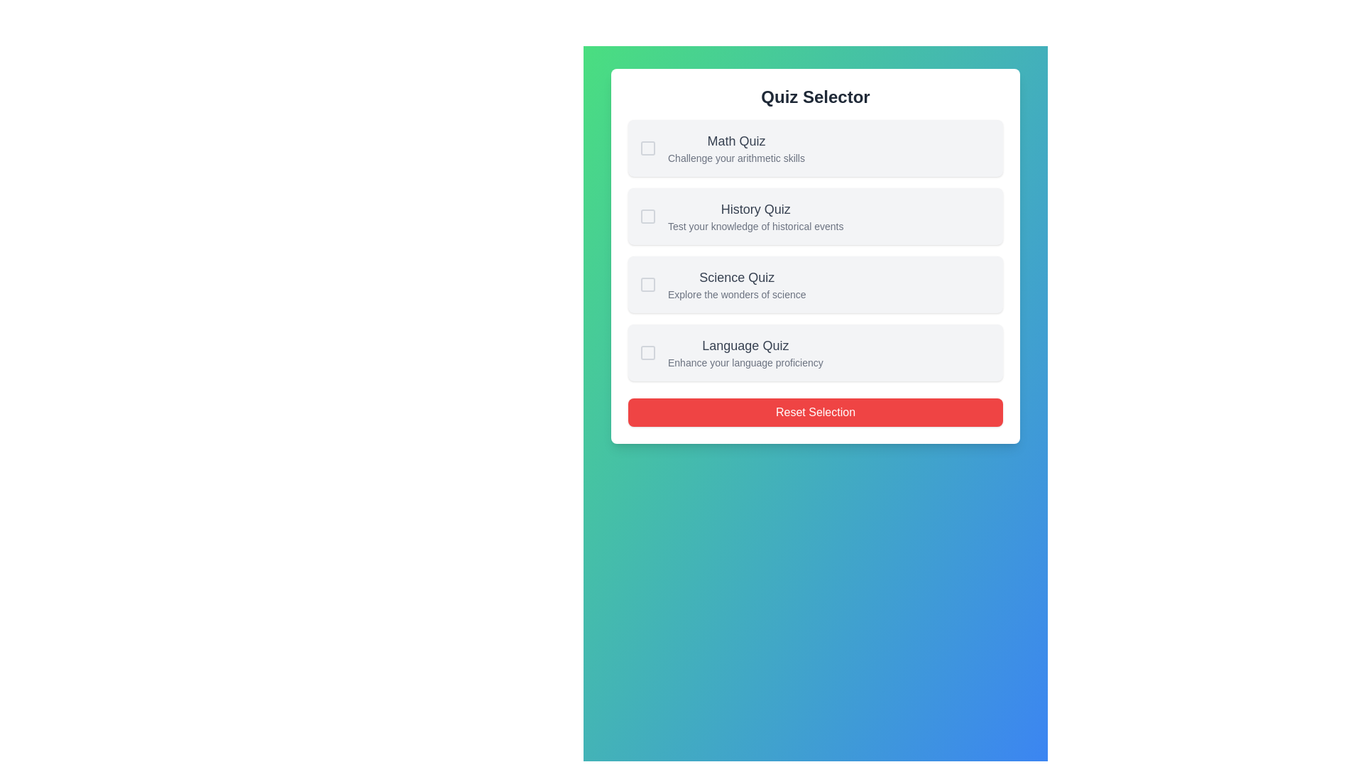 Image resolution: width=1363 pixels, height=767 pixels. What do you see at coordinates (815, 285) in the screenshot?
I see `the quiz card for Science Quiz` at bounding box center [815, 285].